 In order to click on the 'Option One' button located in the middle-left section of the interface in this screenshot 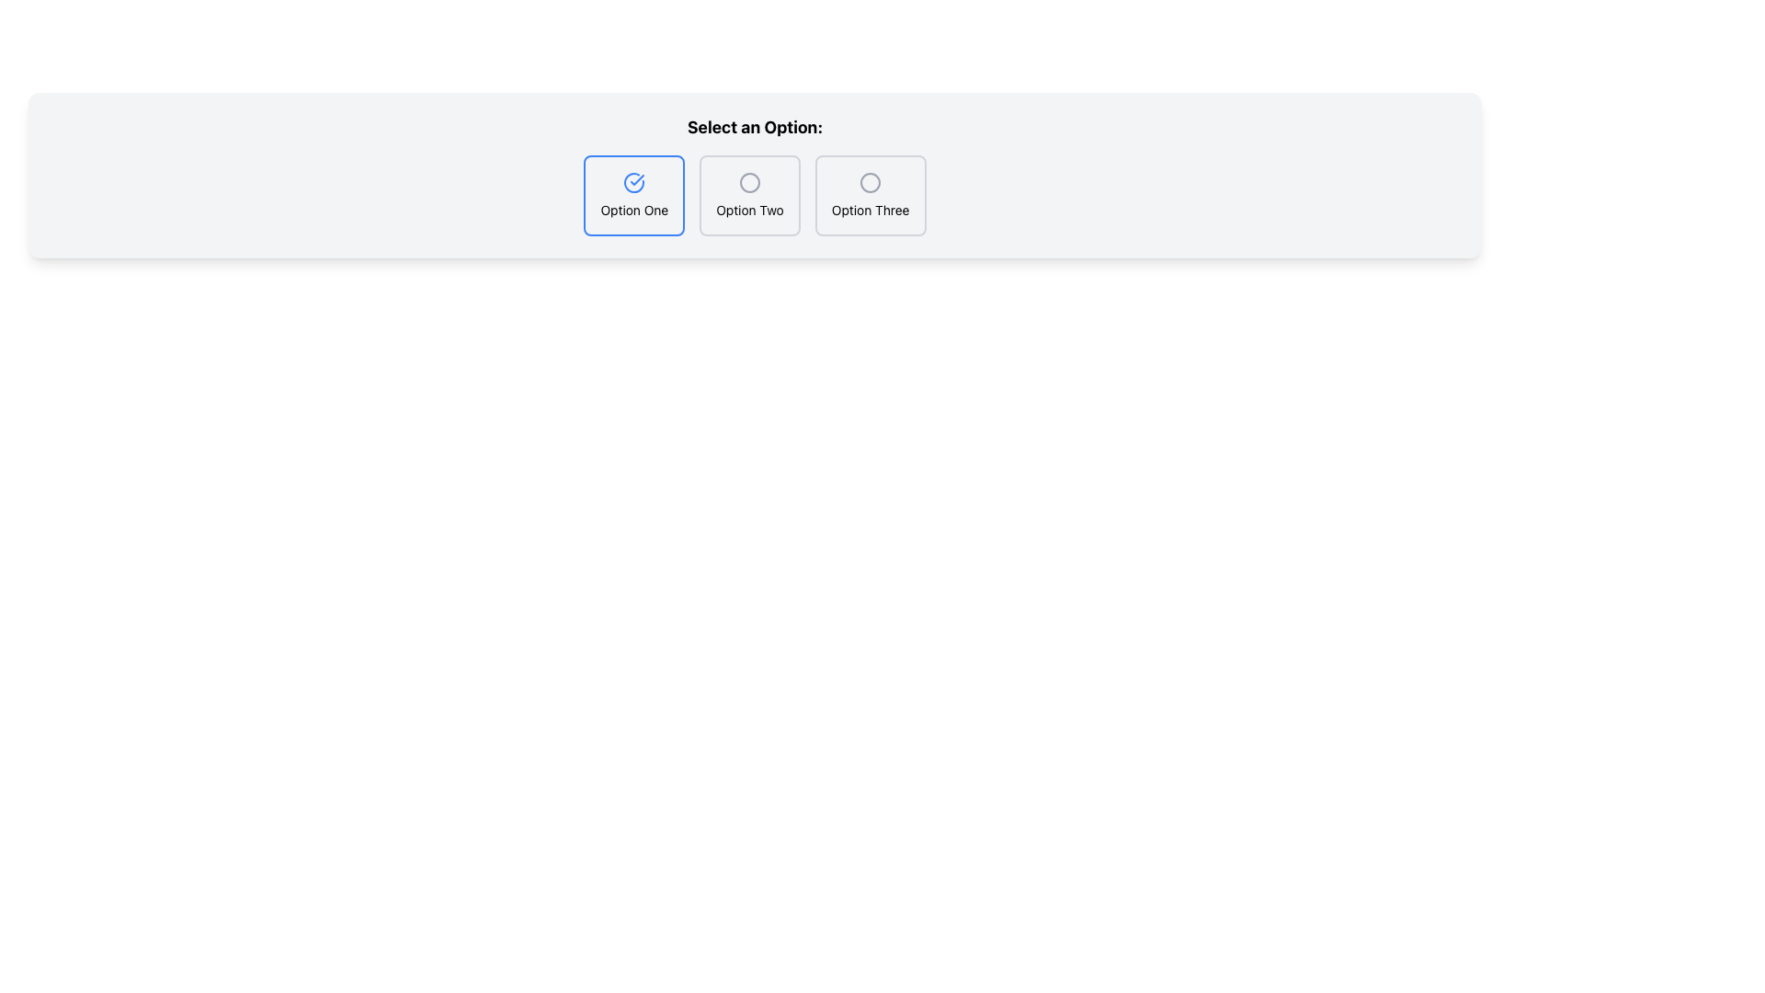, I will do `click(634, 195)`.